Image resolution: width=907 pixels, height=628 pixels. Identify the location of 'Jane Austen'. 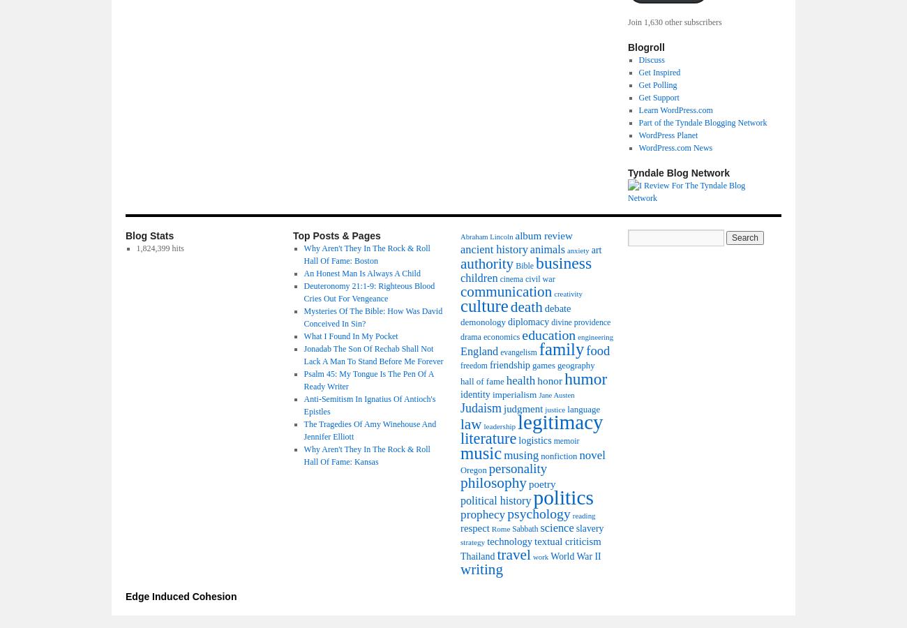
(555, 395).